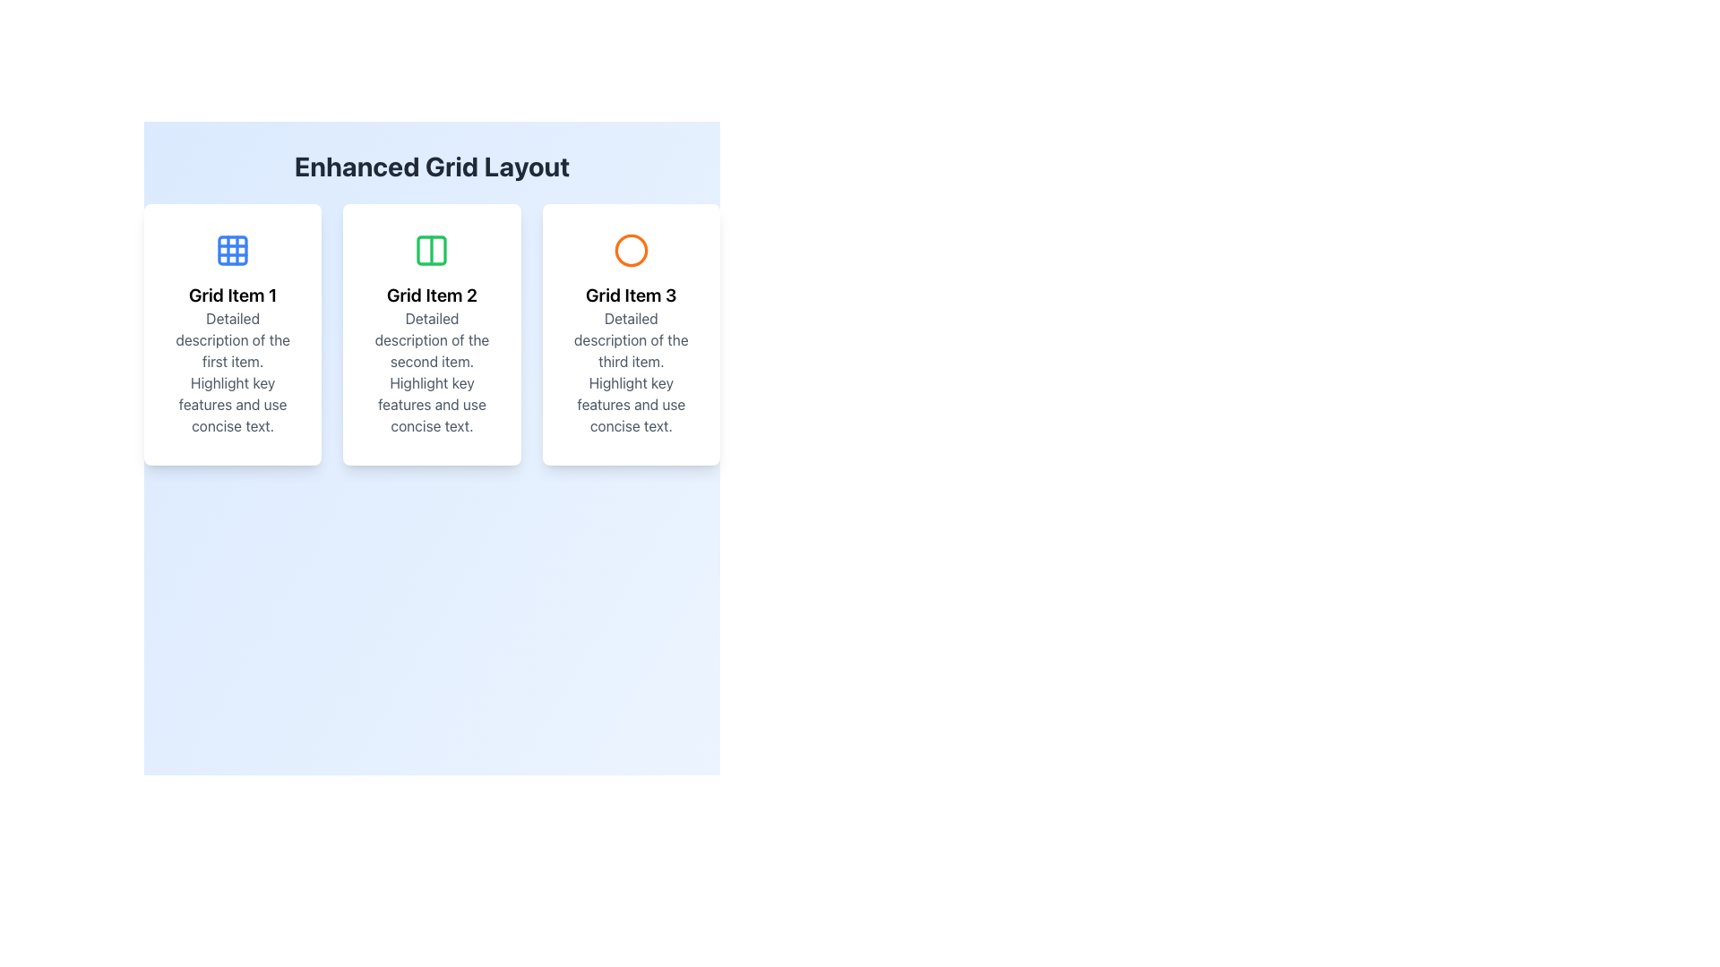 The height and width of the screenshot is (967, 1720). I want to click on the text label displaying 'Enhanced Grid Layout', which is prominently positioned at the top of the interface with a gradient blue background and dark gray bold font, so click(432, 166).